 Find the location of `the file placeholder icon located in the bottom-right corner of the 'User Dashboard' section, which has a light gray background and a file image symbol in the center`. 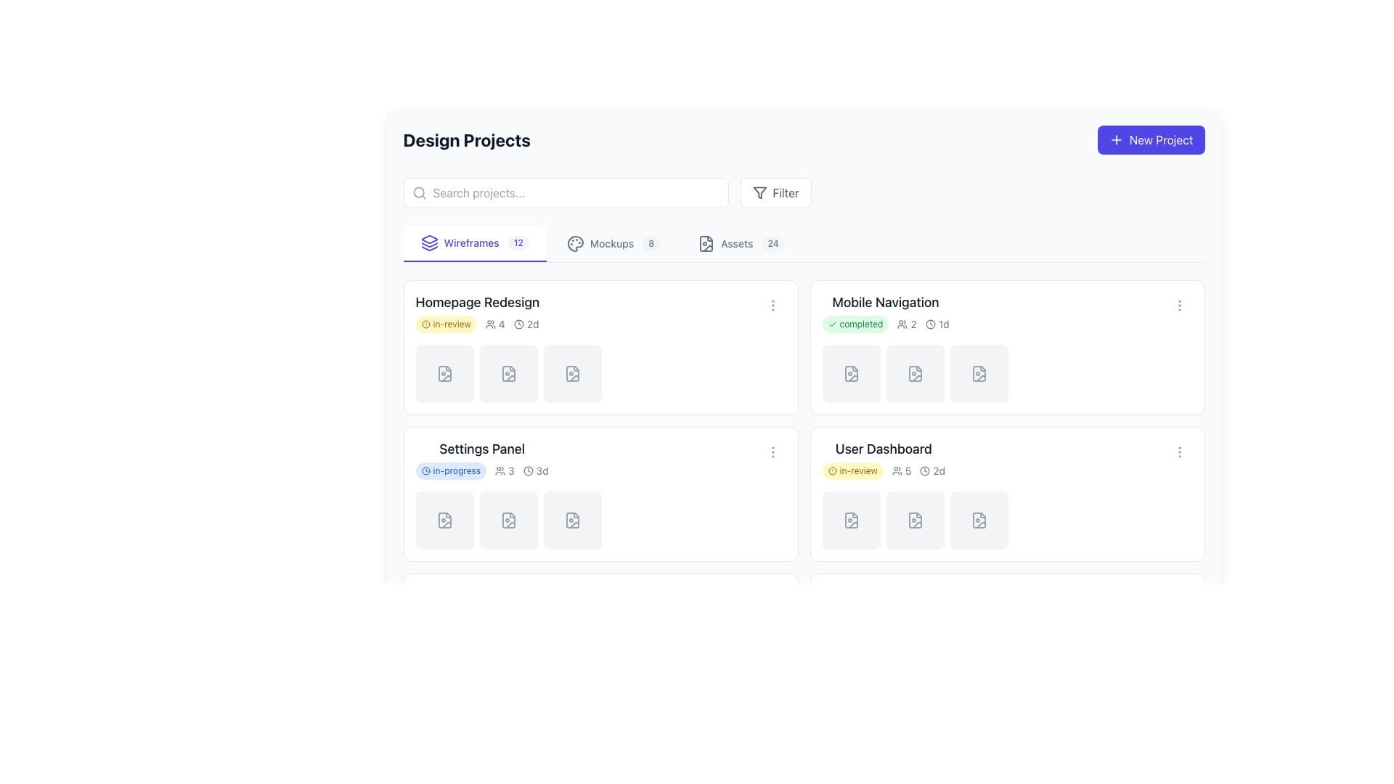

the file placeholder icon located in the bottom-right corner of the 'User Dashboard' section, which has a light gray background and a file image symbol in the center is located at coordinates (979, 520).